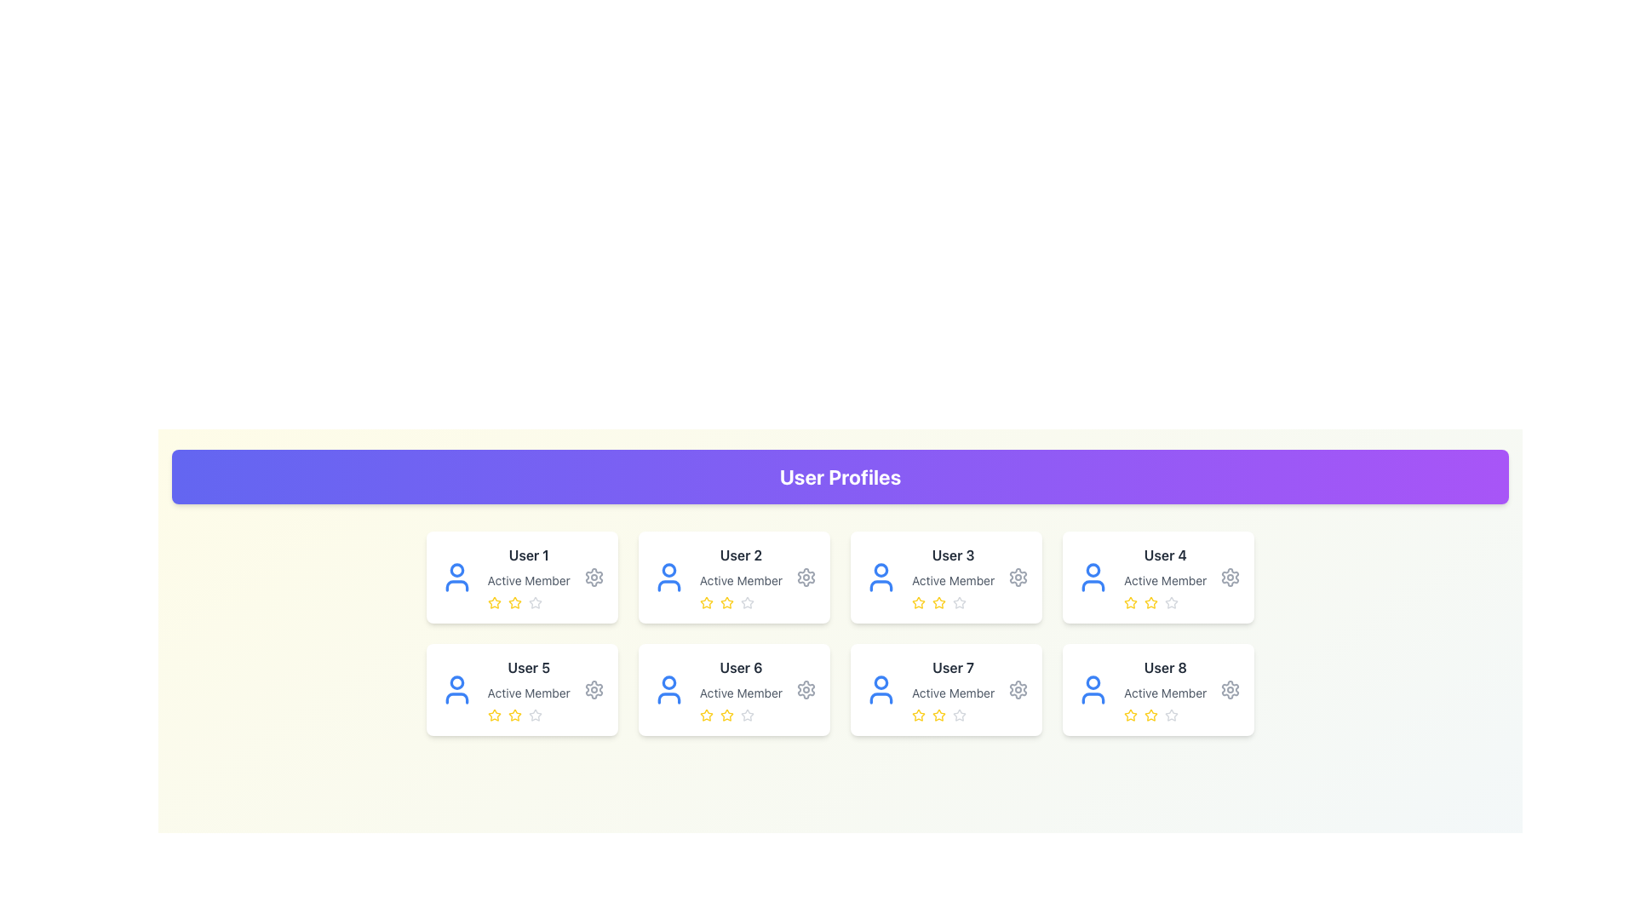 This screenshot has width=1635, height=920. Describe the element at coordinates (938, 601) in the screenshot. I see `the second star icon in the rating system of 'User 3's profile card` at that location.